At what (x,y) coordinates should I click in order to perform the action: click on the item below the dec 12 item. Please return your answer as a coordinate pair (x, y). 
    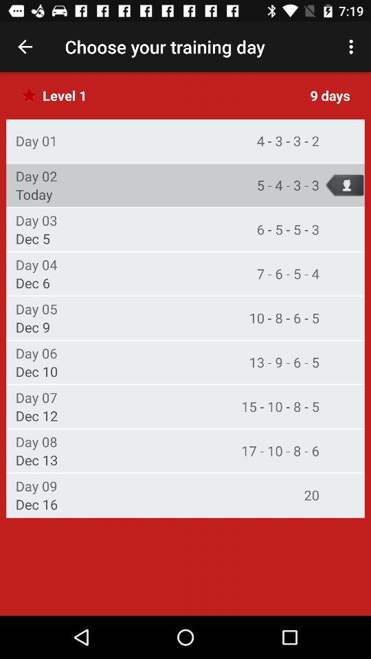
    Looking at the image, I should click on (36, 441).